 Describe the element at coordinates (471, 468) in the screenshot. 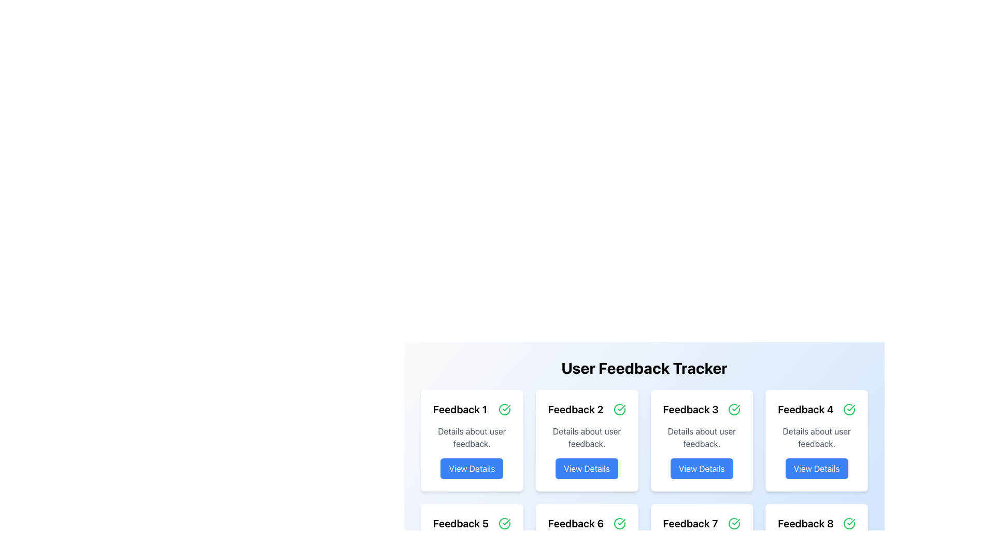

I see `the 'View Details' button, which is a rectangular button with rounded corners, styled with a blue background and white centered text, located under the 'Feedback 1' card in the 'User Feedback Tracker' interface` at that location.